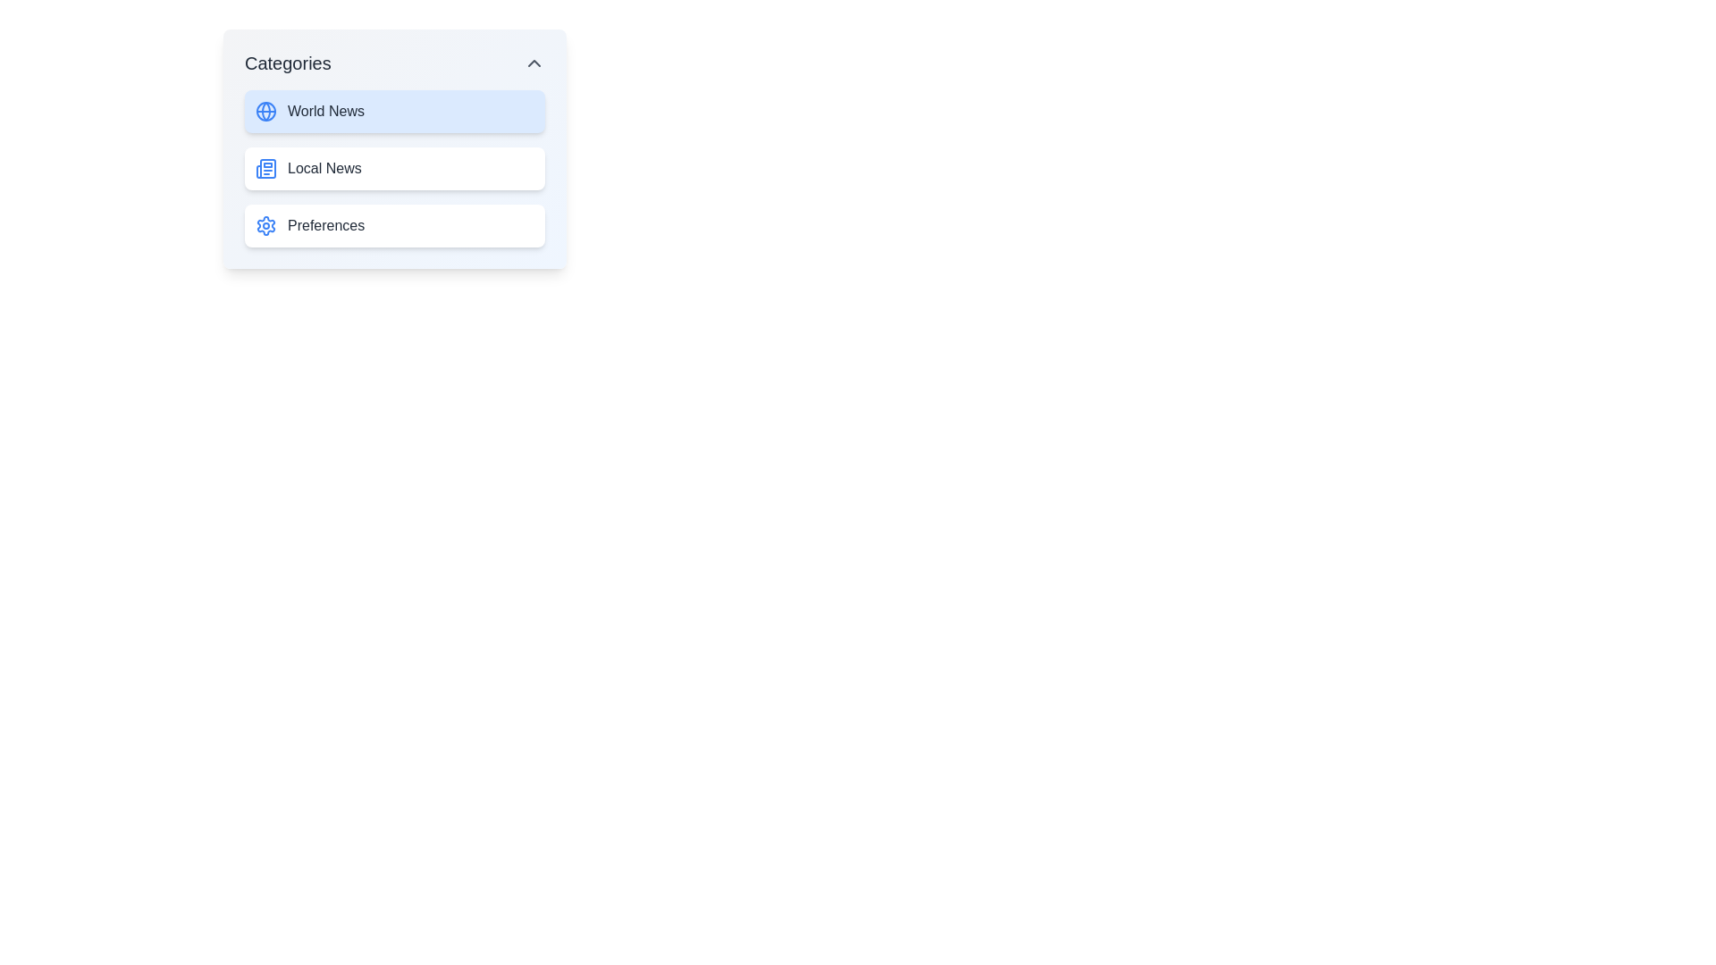 The width and height of the screenshot is (1716, 965). What do you see at coordinates (265, 111) in the screenshot?
I see `the globe icon located to the left of the 'World News' list item within the 'Categories' panel` at bounding box center [265, 111].